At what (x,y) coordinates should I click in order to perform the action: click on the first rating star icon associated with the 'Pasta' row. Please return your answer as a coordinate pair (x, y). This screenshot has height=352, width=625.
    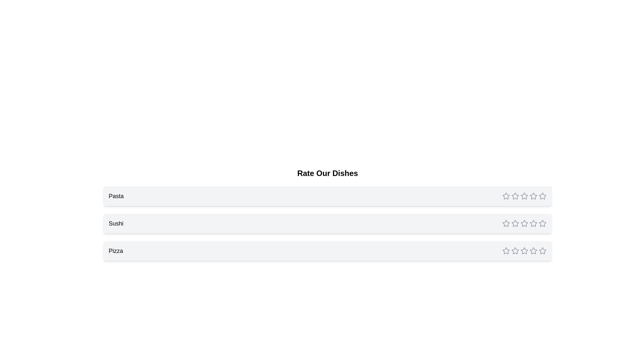
    Looking at the image, I should click on (506, 196).